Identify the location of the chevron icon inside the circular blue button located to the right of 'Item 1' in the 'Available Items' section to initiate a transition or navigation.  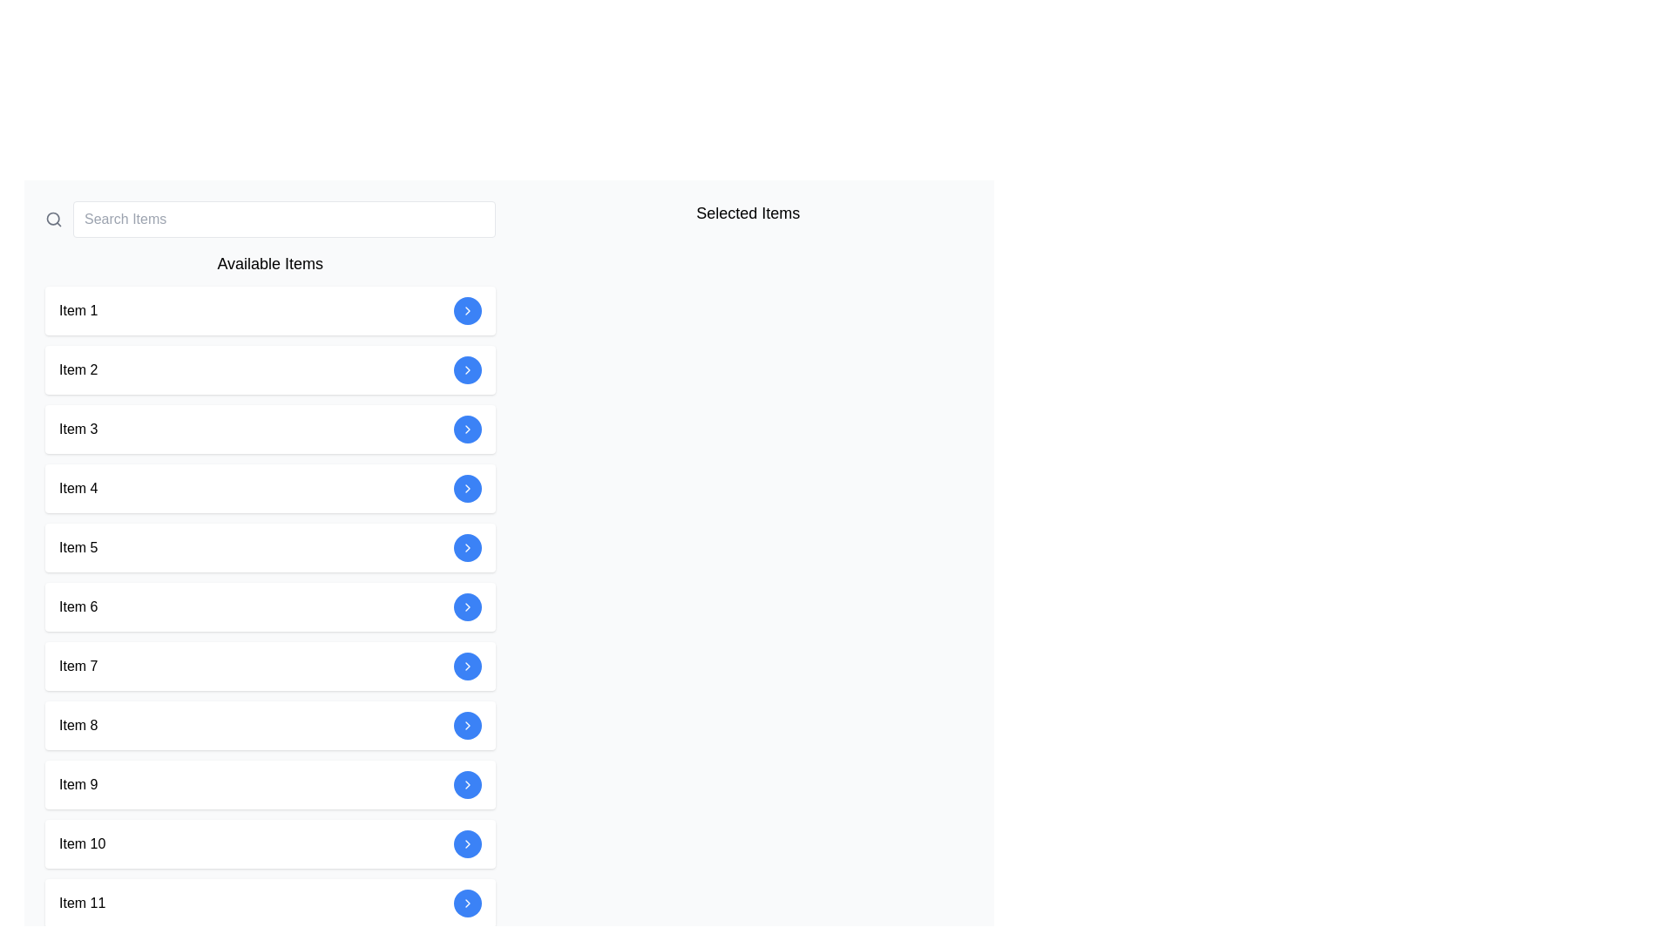
(467, 310).